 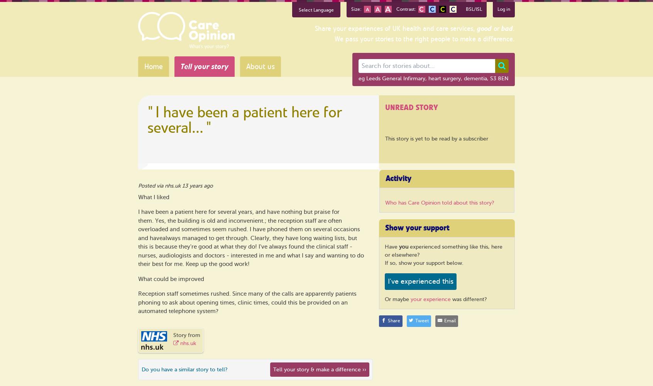 What do you see at coordinates (406, 9) in the screenshot?
I see `'Contrast:'` at bounding box center [406, 9].